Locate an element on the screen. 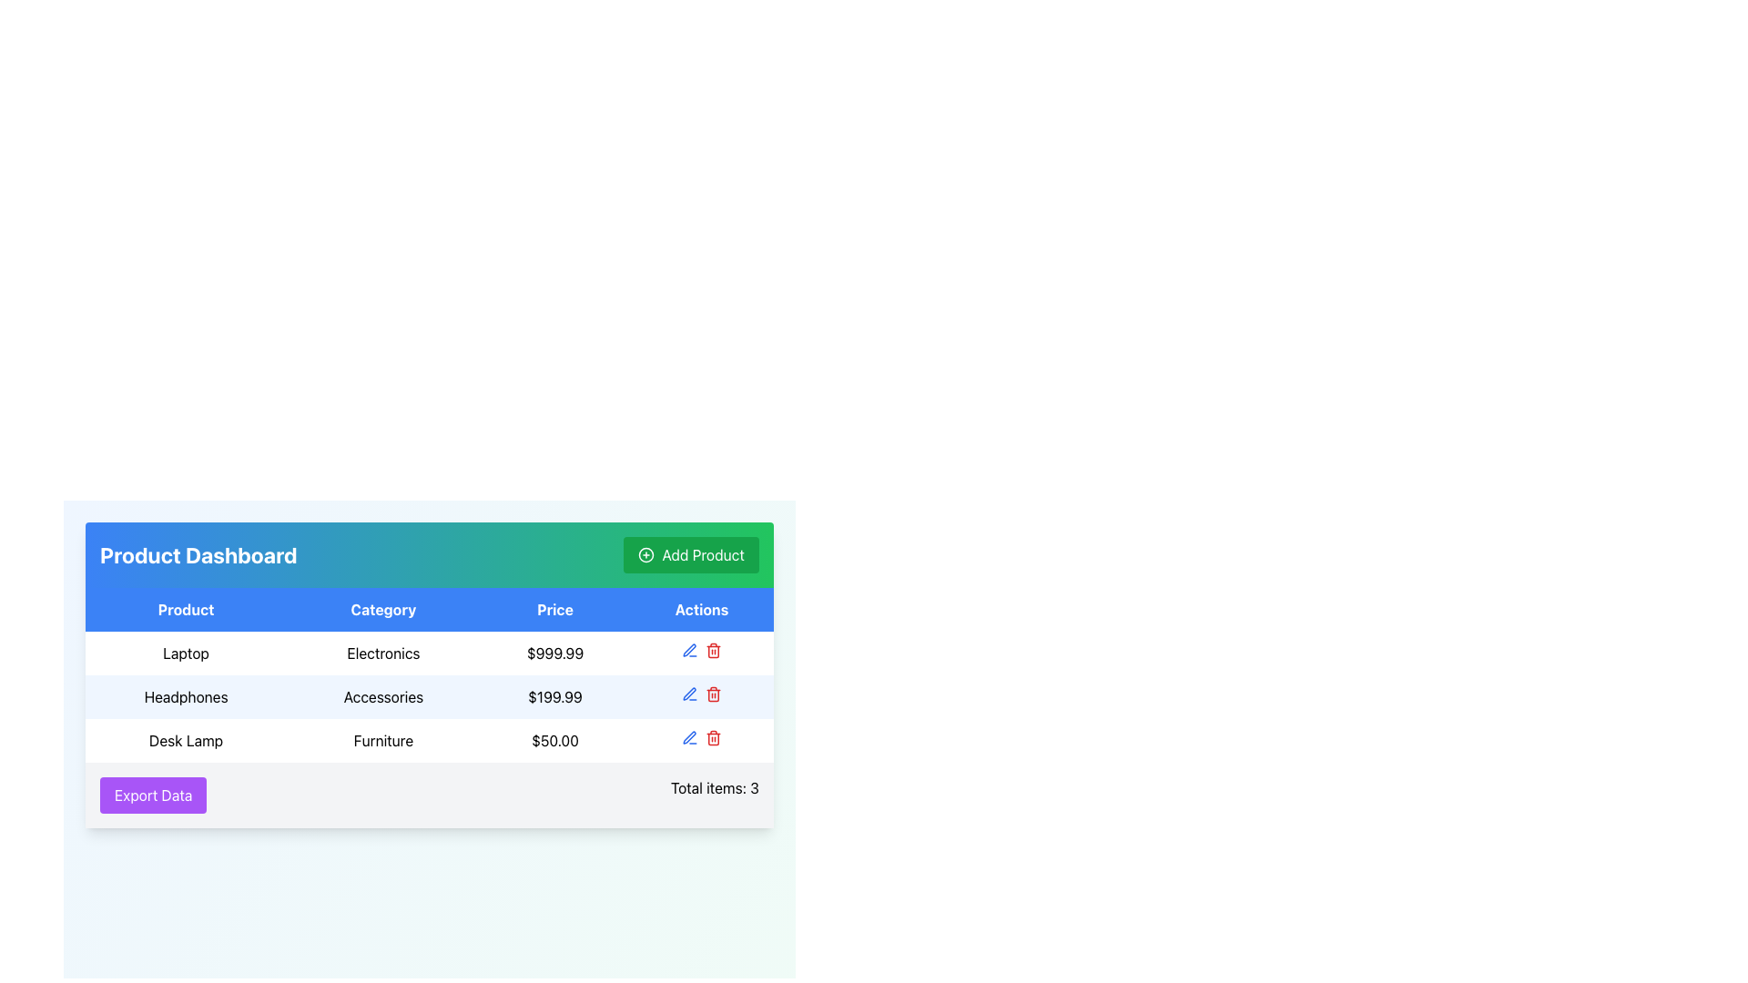 Image resolution: width=1748 pixels, height=983 pixels. the static text displaying the price '$999.99' for the 'Laptop' product in the 'Price' column of the data table is located at coordinates (554, 652).